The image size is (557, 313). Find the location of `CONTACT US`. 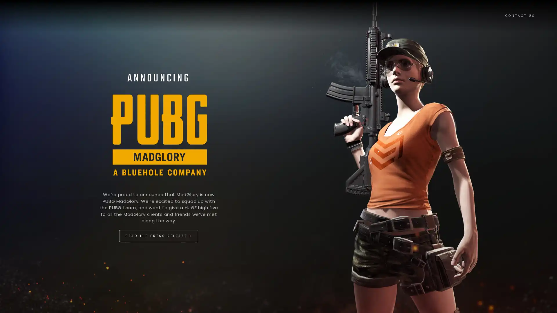

CONTACT US is located at coordinates (524, 15).